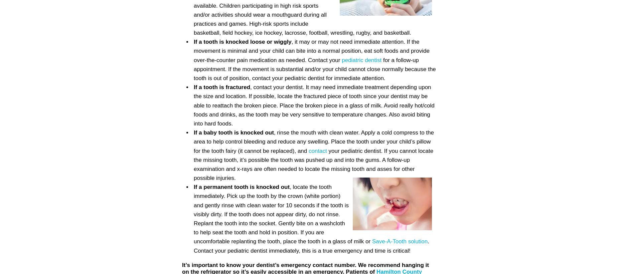 The image size is (618, 274). I want to click on 'If a baby tooth is knocked out', so click(234, 132).